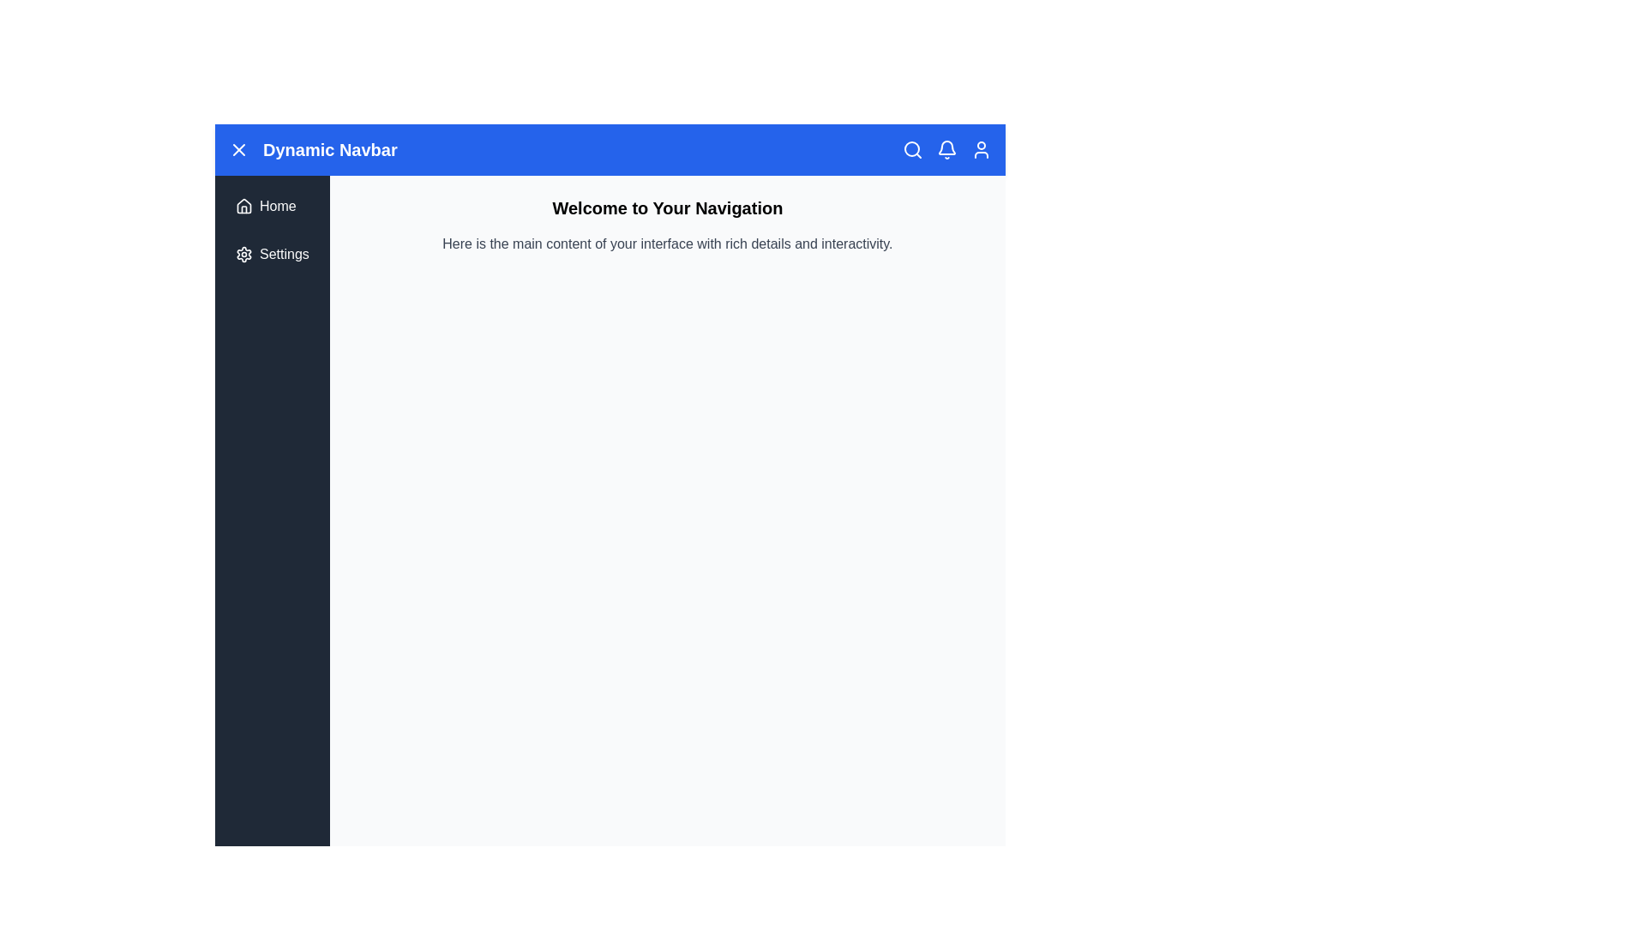 This screenshot has width=1646, height=926. What do you see at coordinates (237, 148) in the screenshot?
I see `the square-shaped 'X' icon button located in the top-left of the blue navbar` at bounding box center [237, 148].